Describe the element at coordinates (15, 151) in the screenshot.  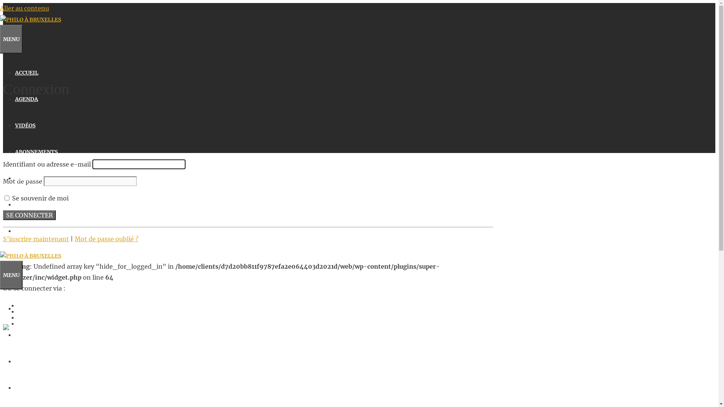
I see `'ABONNEMENTS'` at that location.